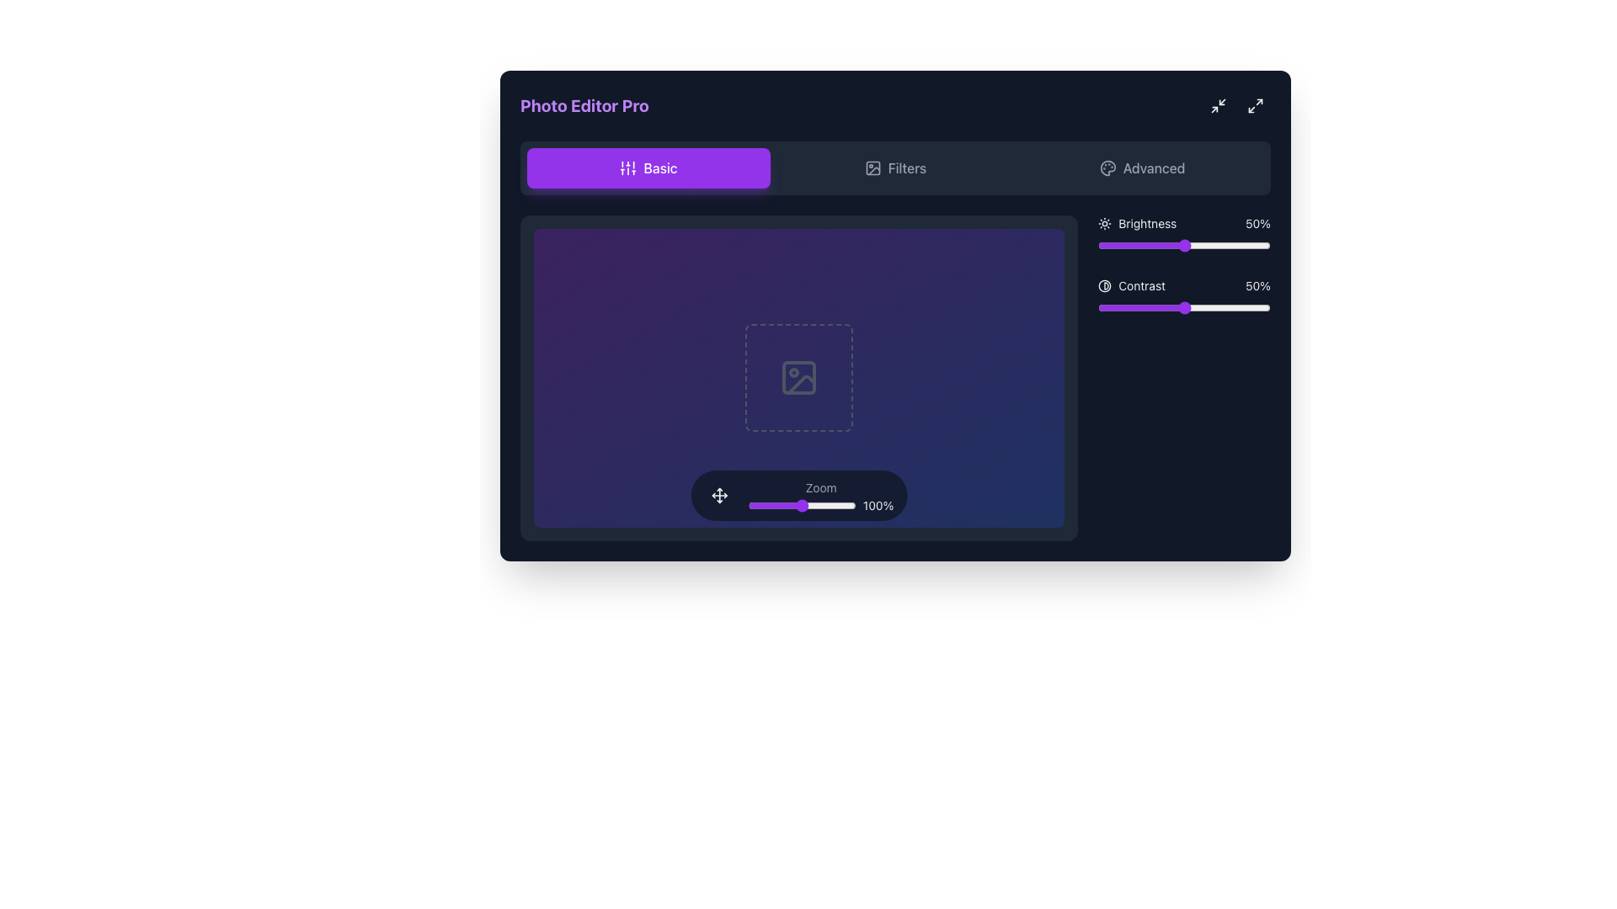 This screenshot has height=909, width=1617. Describe the element at coordinates (771, 504) in the screenshot. I see `the zoom level` at that location.